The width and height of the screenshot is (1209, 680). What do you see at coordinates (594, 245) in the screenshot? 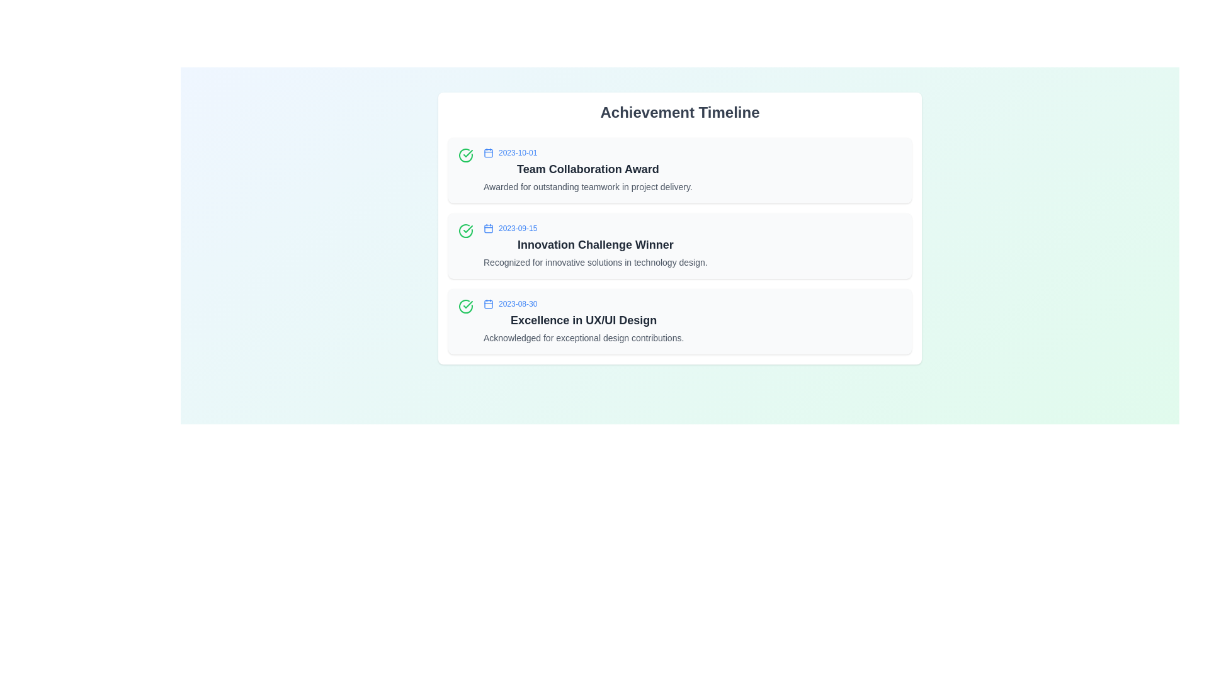
I see `the Text label that serves as the title for the associated achievement entry in the timeline, positioned in the center of the second entry box below the date '2023-09-15'` at bounding box center [594, 245].